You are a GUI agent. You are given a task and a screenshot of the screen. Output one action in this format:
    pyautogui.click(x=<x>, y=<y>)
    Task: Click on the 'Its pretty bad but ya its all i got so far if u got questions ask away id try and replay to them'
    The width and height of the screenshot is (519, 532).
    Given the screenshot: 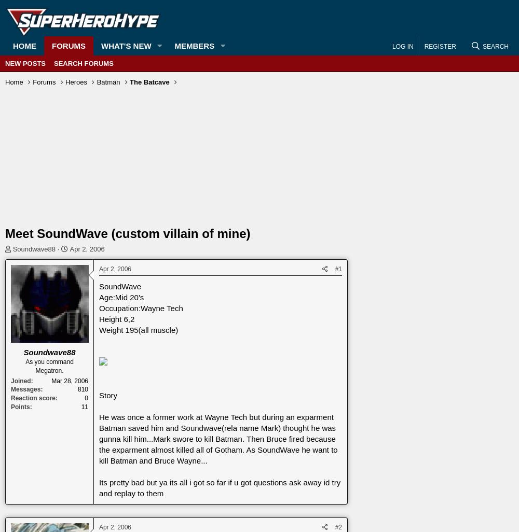 What is the action you would take?
    pyautogui.click(x=220, y=488)
    